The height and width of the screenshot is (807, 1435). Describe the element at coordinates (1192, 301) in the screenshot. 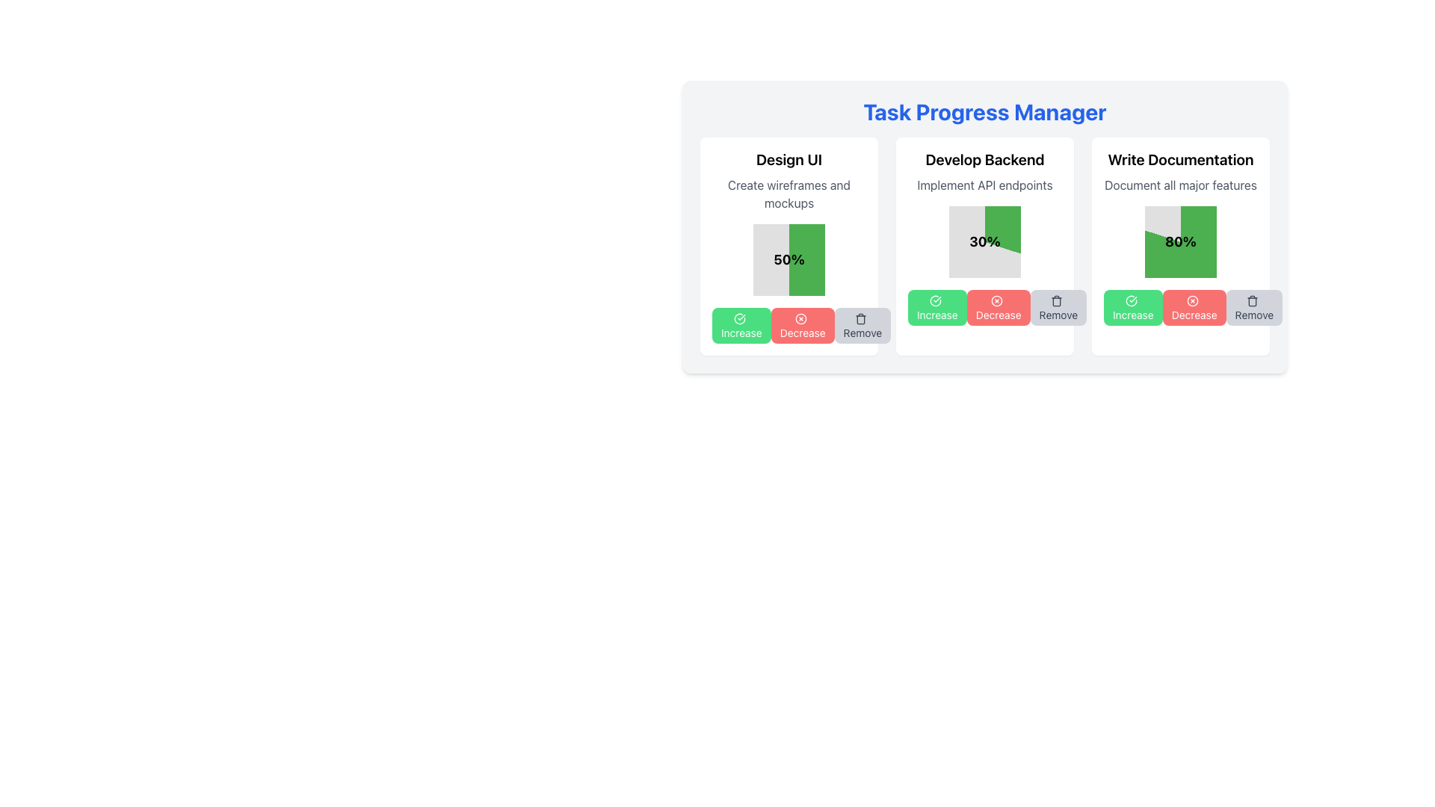

I see `the circular red icon with a white 'x' located within the 'Decrease' button in the 'Write Documentation' section of the task management interface` at that location.